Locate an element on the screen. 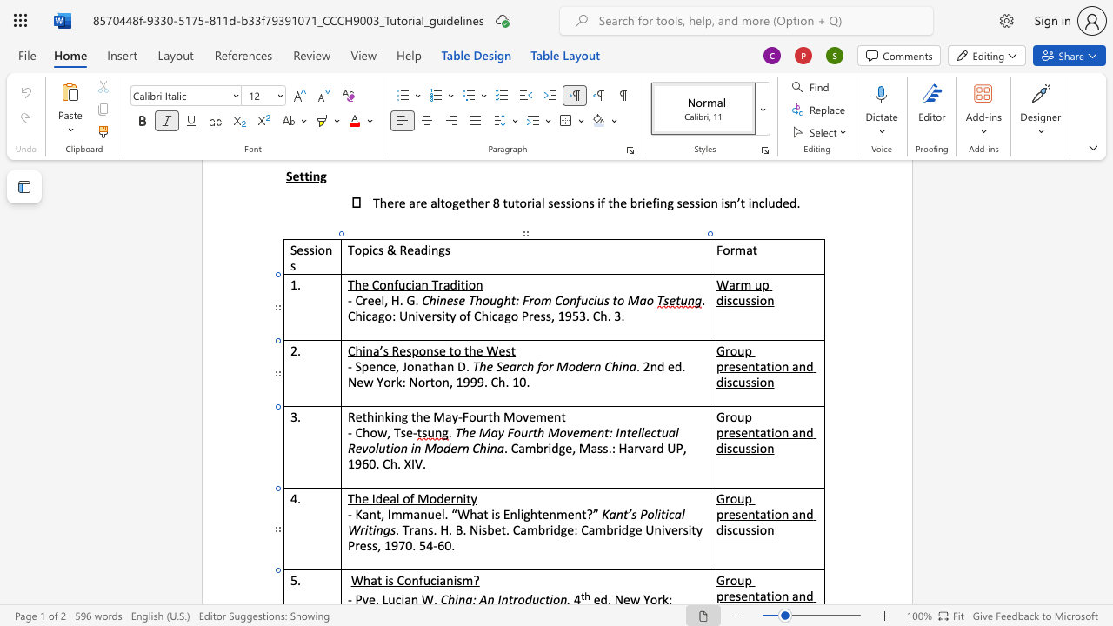 Image resolution: width=1113 pixels, height=626 pixels. the space between the continuous character "t" and "i" in the text is located at coordinates (770, 513).